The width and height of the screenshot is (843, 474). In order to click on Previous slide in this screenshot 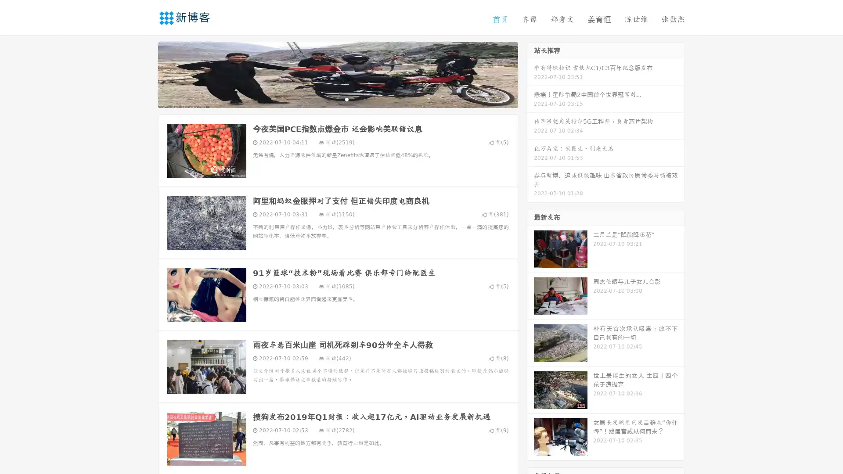, I will do `click(145, 74)`.